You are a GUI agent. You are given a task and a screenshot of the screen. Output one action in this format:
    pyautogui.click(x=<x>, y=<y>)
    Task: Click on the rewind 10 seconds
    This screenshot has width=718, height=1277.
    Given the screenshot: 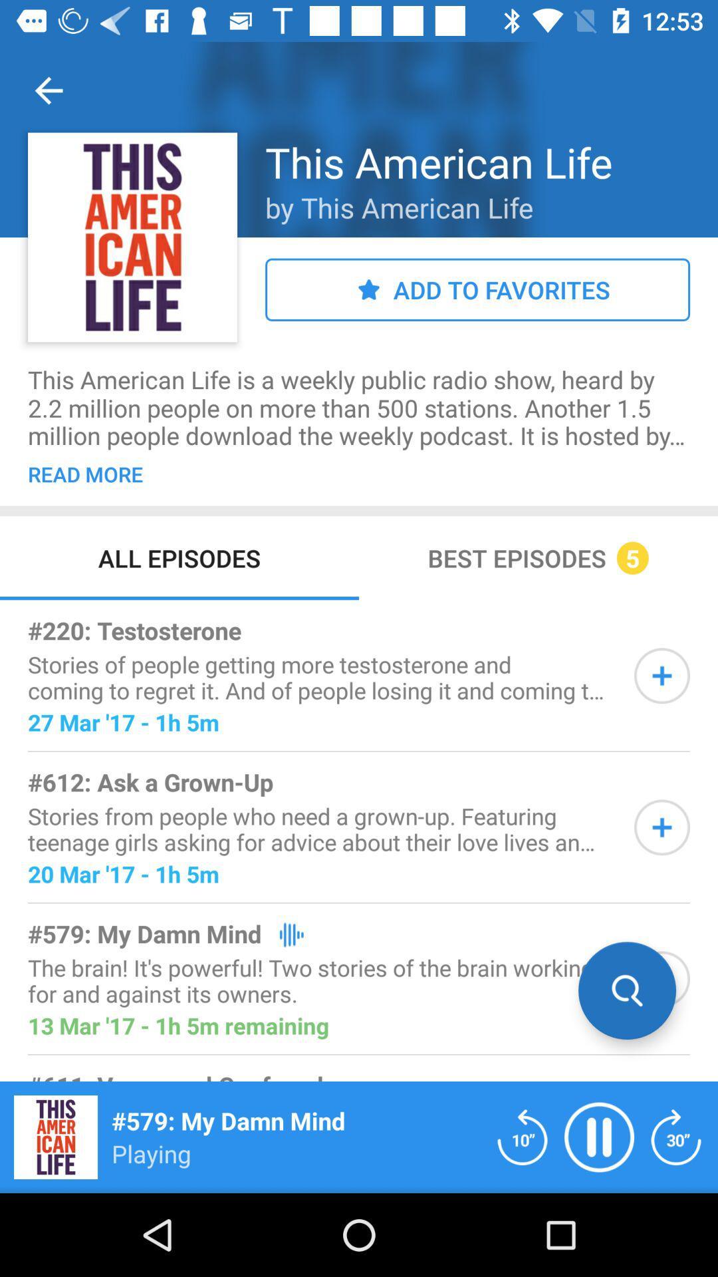 What is the action you would take?
    pyautogui.click(x=522, y=1136)
    